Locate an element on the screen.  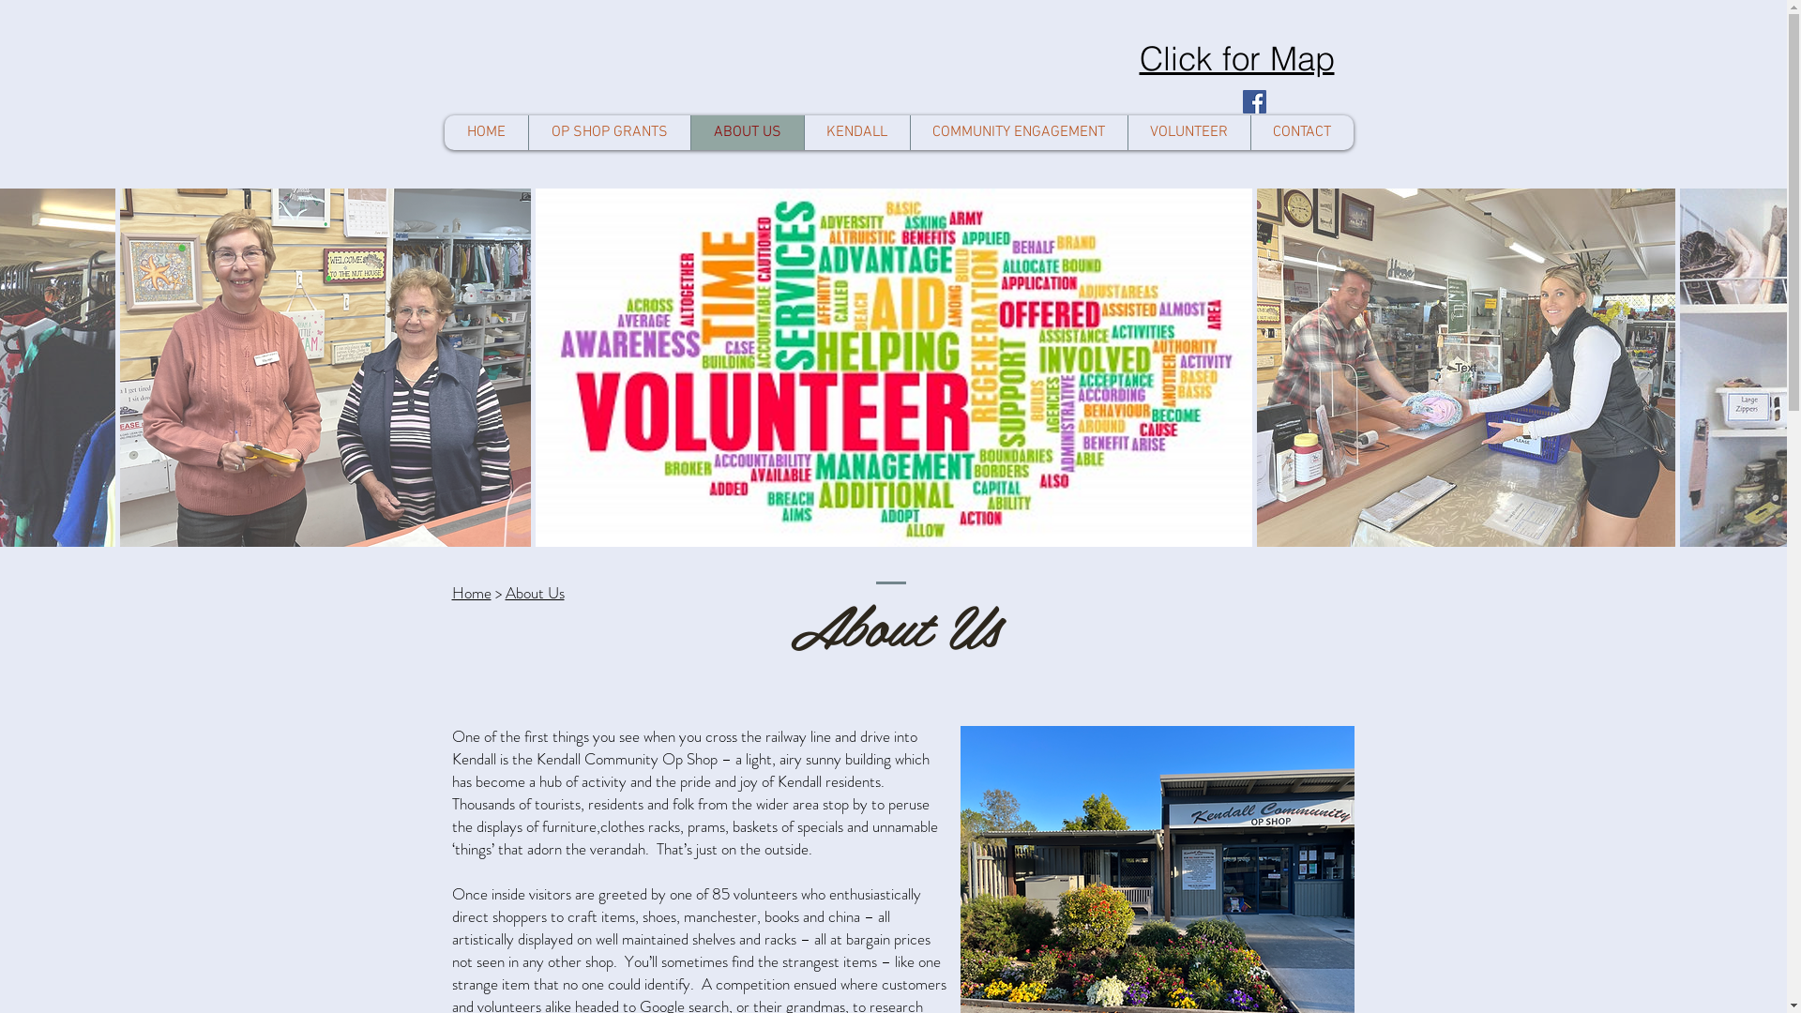
'HOME' is located at coordinates (486, 131).